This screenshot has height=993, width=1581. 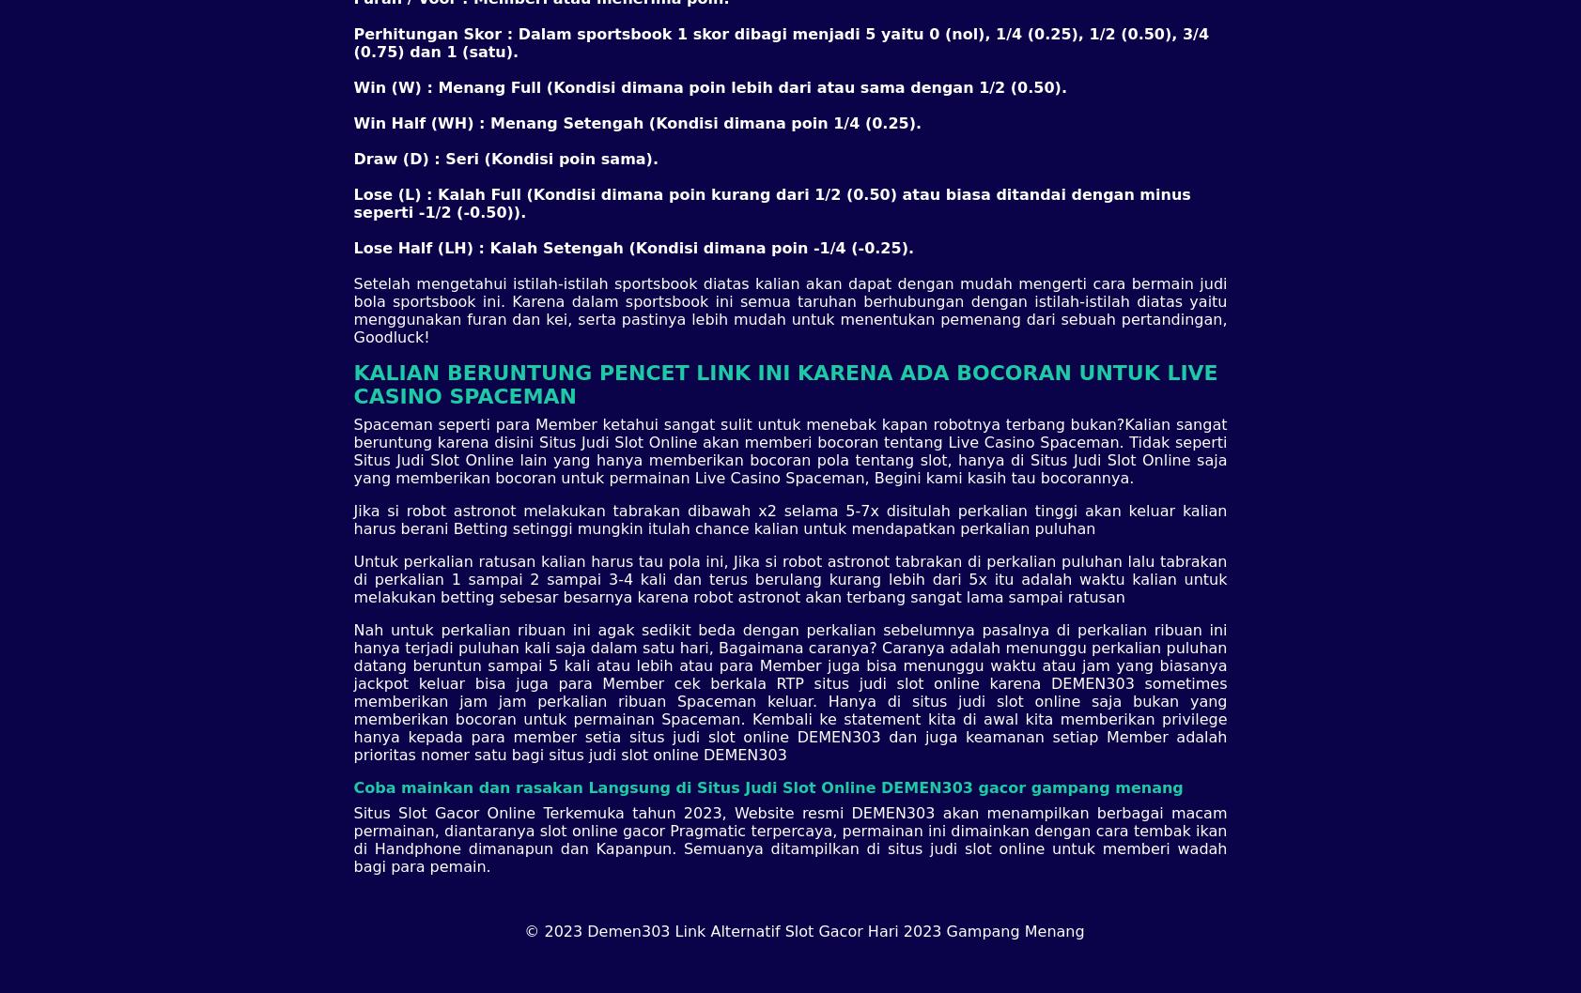 I want to click on 'Perhitungan Skor : Dalam sportsbook 1 skor dibagi menjadi 5 yaitu 0 (nol), 1/4 (0.25), 1/2 (0.50), 3/4 (0.75) dan 1 (satu).', so click(x=780, y=41).